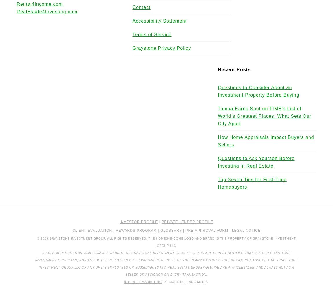 The image size is (333, 296). Describe the element at coordinates (264, 116) in the screenshot. I see `'Tampa Earns Spot on TIME’s List of World’s Greatest Places: What Sets Our City Apart'` at that location.